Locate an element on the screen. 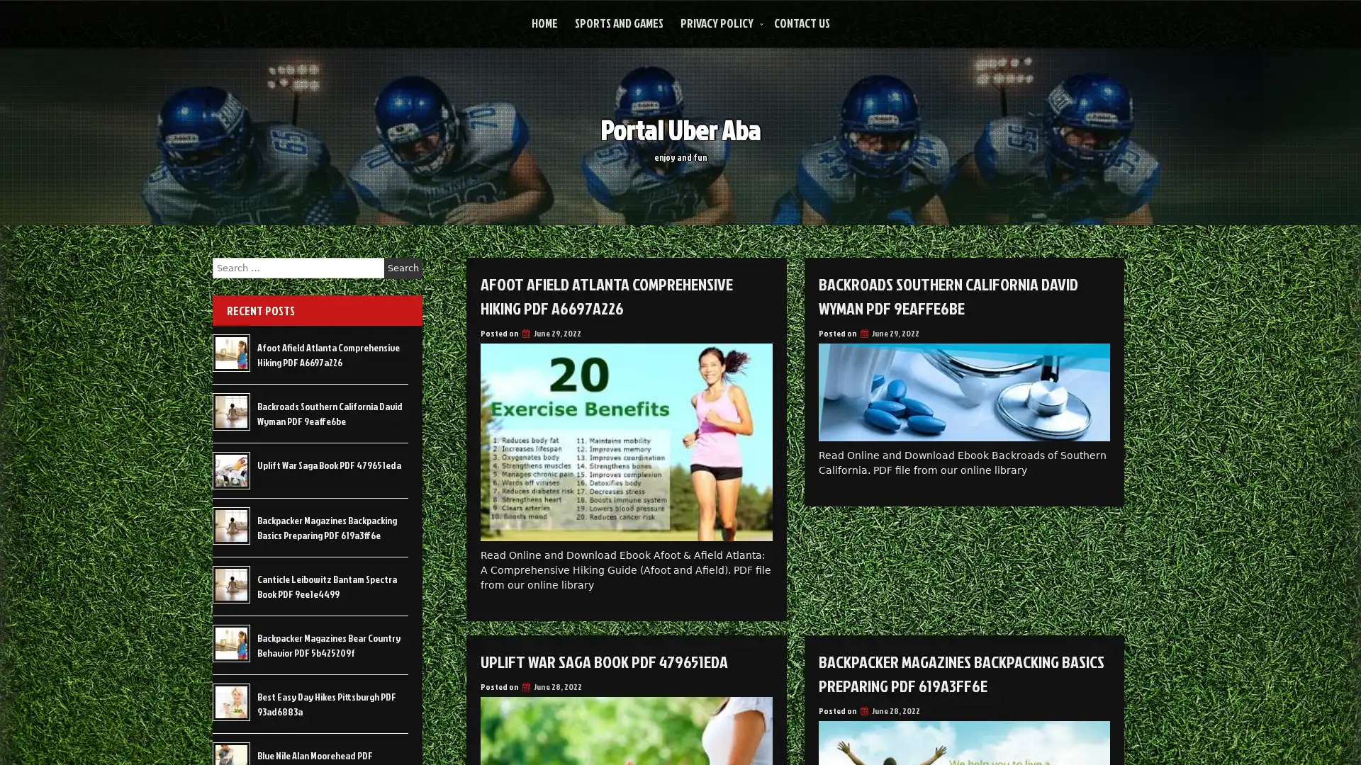 This screenshot has height=765, width=1361. Search is located at coordinates (403, 268).